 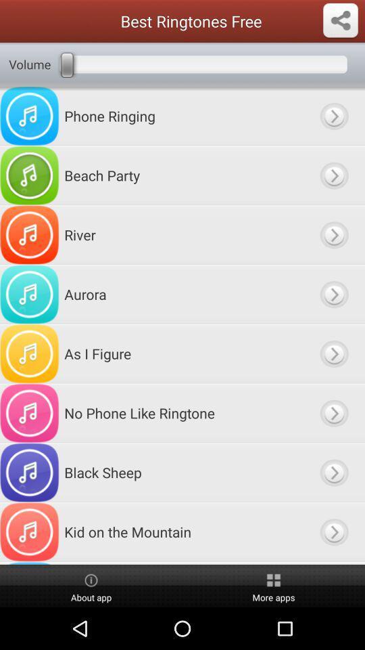 I want to click on track beach party, so click(x=333, y=175).